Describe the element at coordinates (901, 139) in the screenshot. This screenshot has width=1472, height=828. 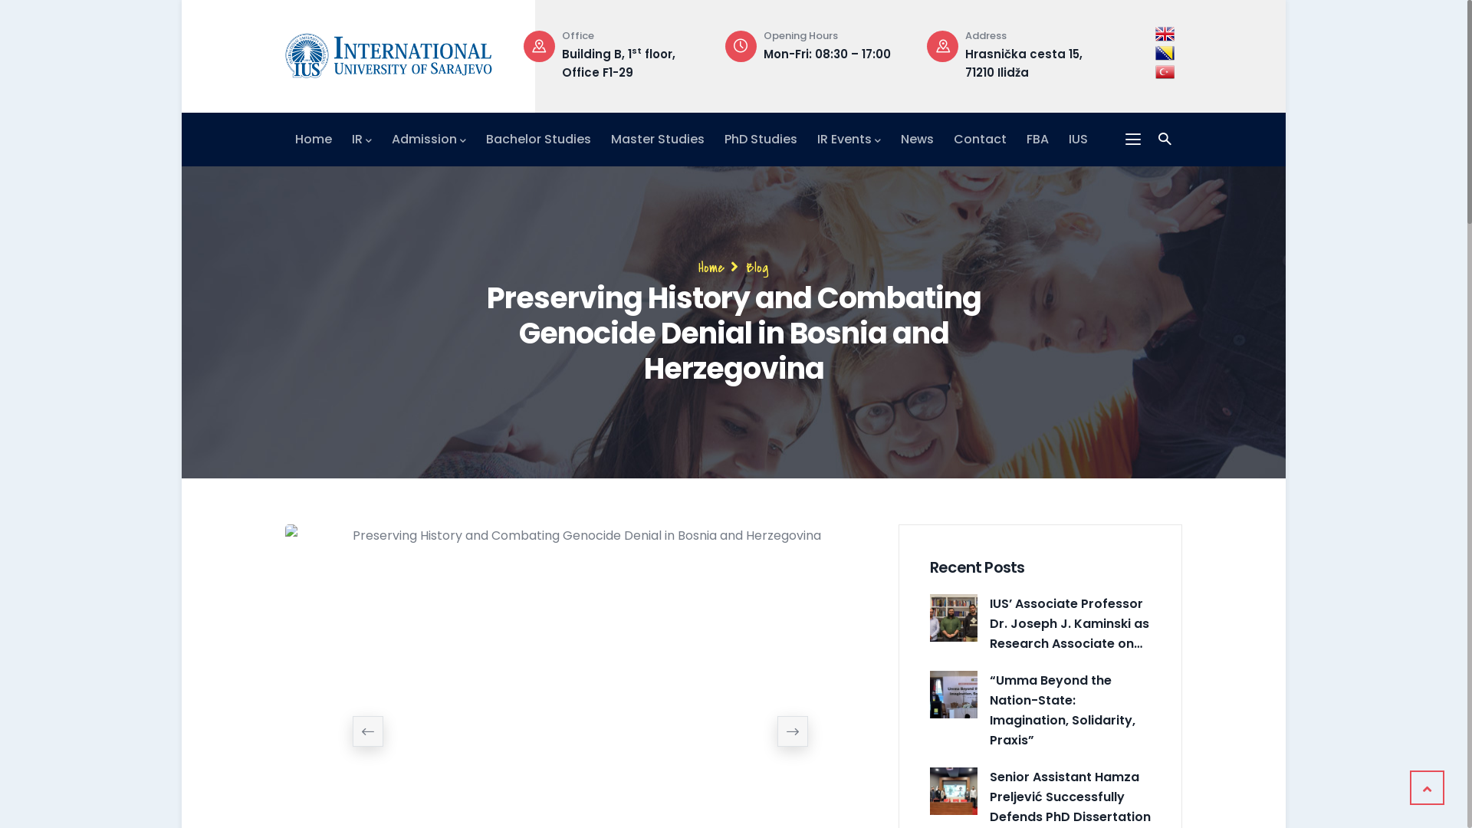
I see `'News'` at that location.